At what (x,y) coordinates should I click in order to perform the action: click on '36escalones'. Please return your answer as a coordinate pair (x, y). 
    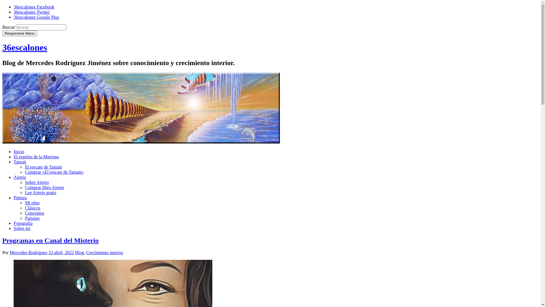
    Looking at the image, I should click on (24, 47).